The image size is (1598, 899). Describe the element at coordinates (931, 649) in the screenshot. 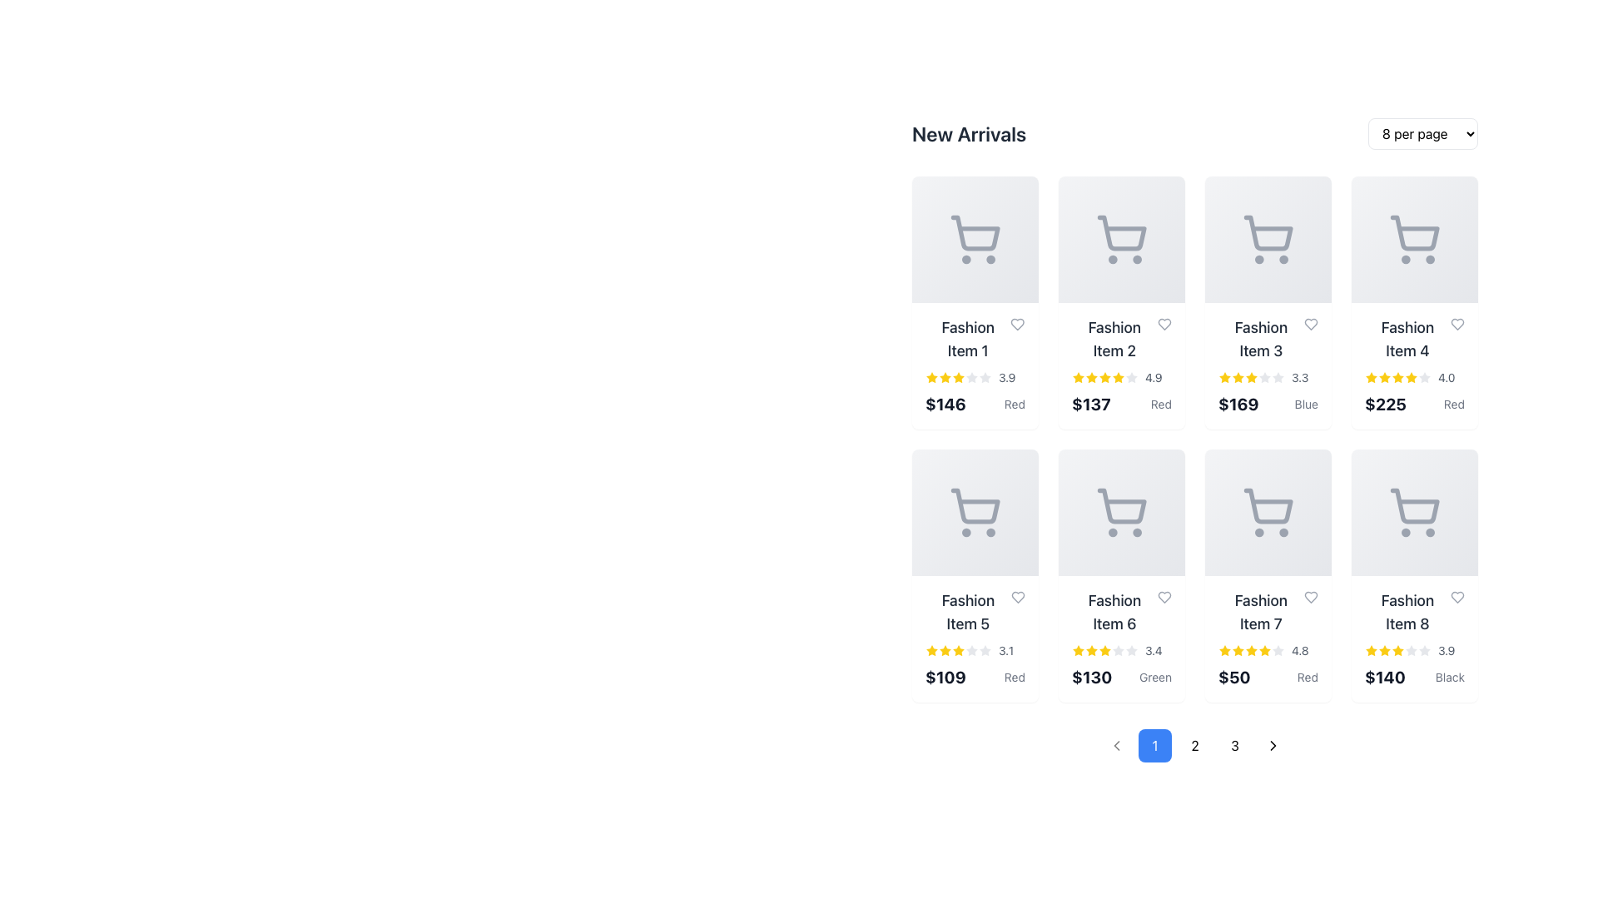

I see `the star-shaped rating icon for 'Fashion Item 5', which is prominently yellow and positioned in the second row, first column of the product grid, above the price` at that location.